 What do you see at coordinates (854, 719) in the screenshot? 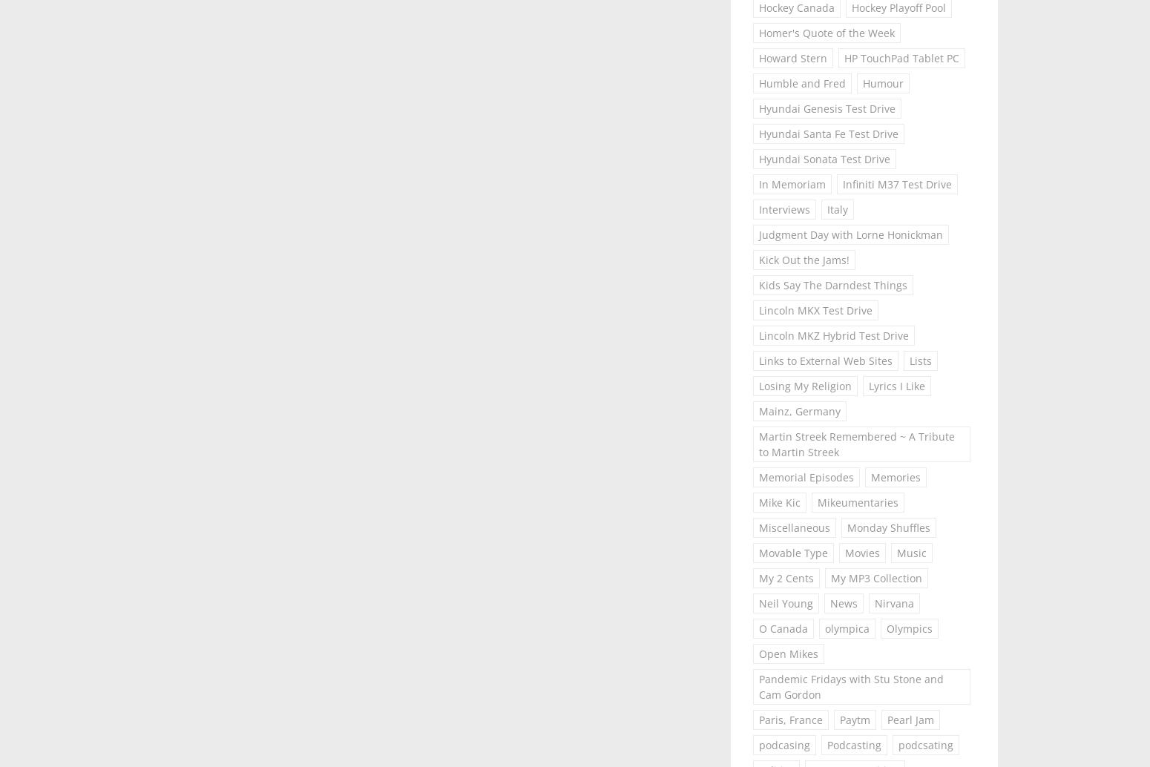
I see `'Paytm'` at bounding box center [854, 719].